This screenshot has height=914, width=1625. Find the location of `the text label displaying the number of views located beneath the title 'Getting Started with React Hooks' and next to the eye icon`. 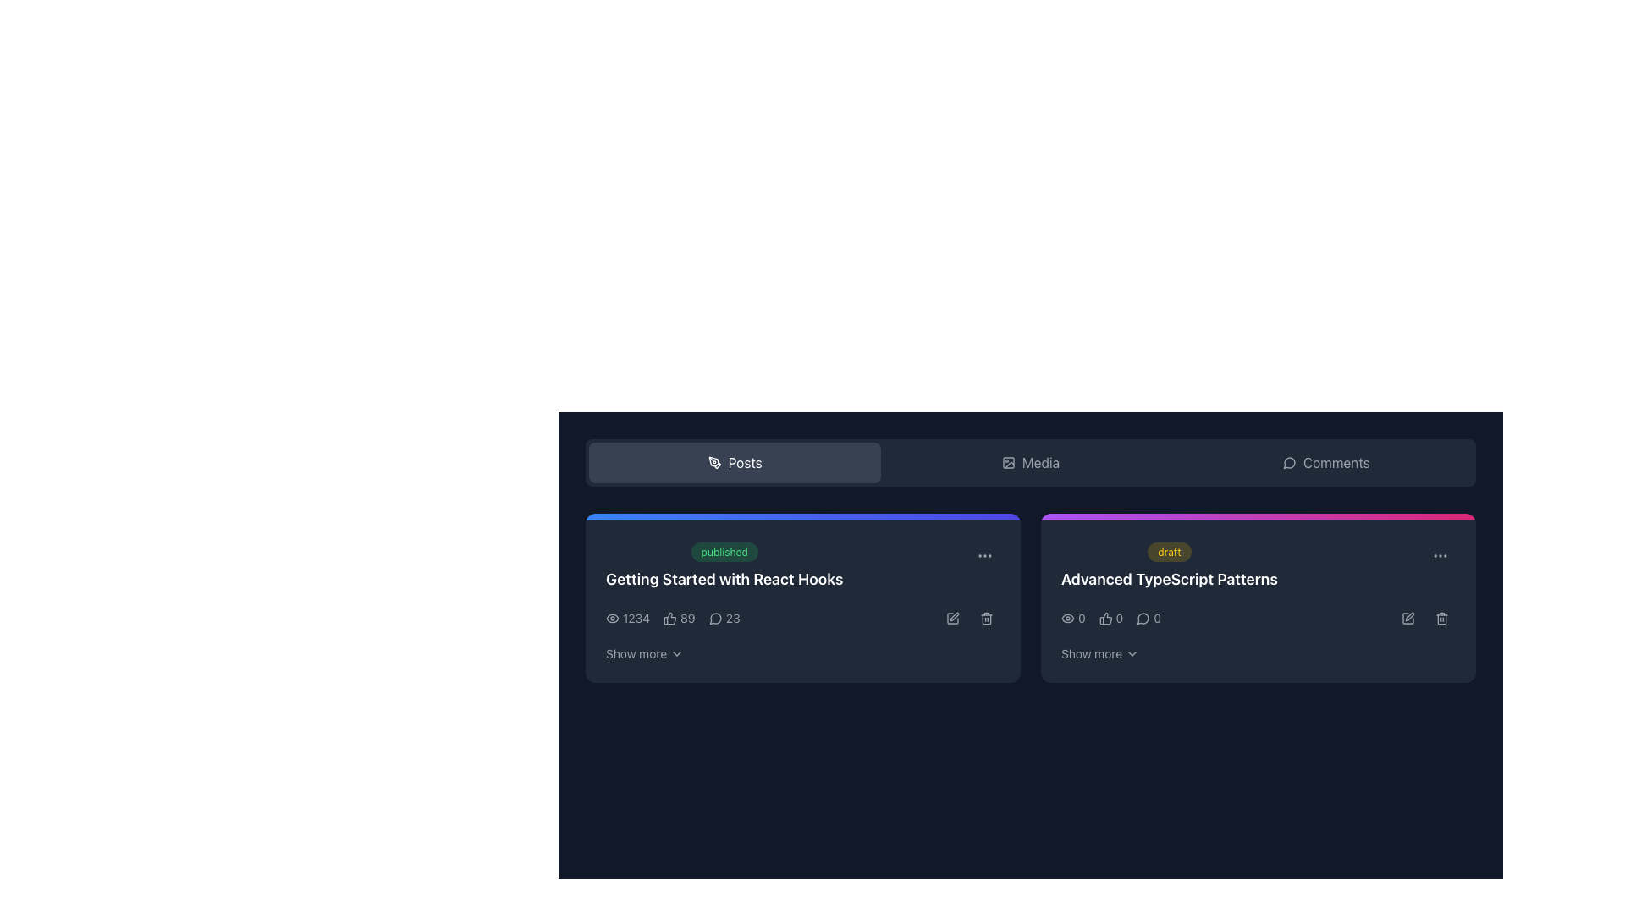

the text label displaying the number of views located beneath the title 'Getting Started with React Hooks' and next to the eye icon is located at coordinates (636, 619).